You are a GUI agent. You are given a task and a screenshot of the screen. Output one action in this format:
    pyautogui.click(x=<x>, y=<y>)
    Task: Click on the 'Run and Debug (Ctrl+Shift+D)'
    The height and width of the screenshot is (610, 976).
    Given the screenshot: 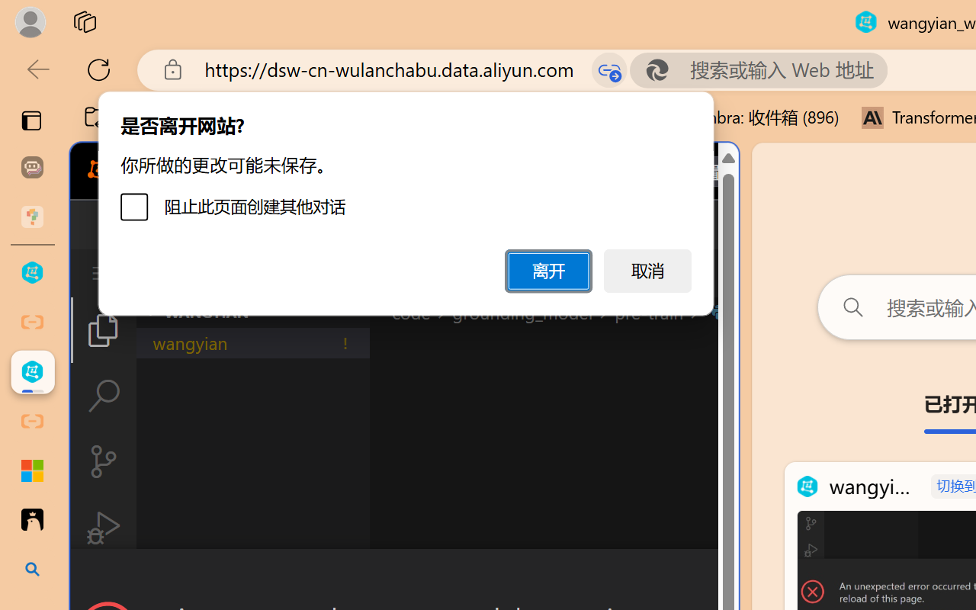 What is the action you would take?
    pyautogui.click(x=102, y=528)
    